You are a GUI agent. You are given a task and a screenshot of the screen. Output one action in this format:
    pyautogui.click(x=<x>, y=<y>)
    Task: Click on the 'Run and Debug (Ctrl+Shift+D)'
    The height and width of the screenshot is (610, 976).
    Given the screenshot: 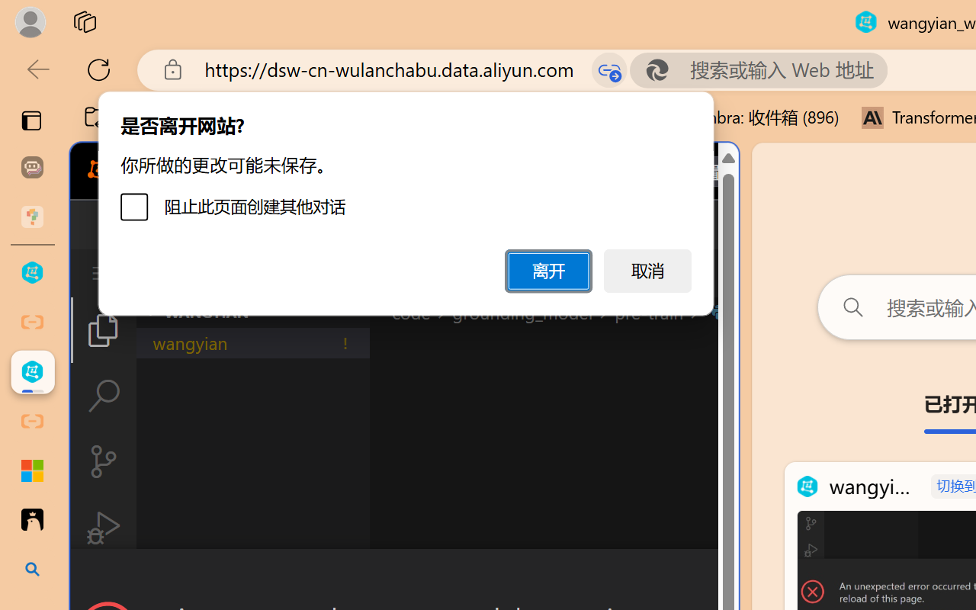 What is the action you would take?
    pyautogui.click(x=102, y=528)
    